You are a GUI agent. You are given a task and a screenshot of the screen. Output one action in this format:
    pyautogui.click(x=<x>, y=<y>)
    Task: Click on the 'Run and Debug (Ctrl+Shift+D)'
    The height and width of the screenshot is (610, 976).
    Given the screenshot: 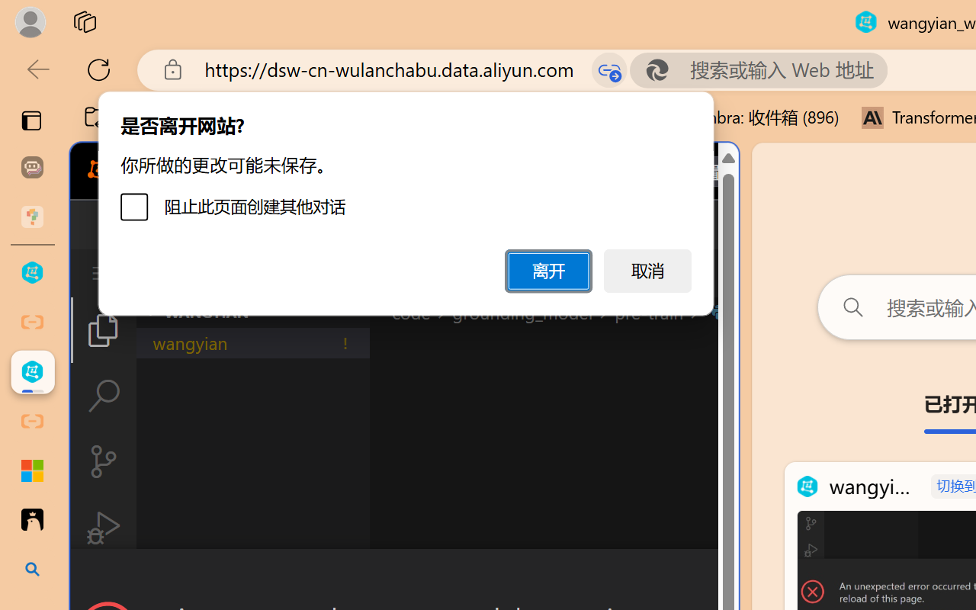 What is the action you would take?
    pyautogui.click(x=102, y=528)
    